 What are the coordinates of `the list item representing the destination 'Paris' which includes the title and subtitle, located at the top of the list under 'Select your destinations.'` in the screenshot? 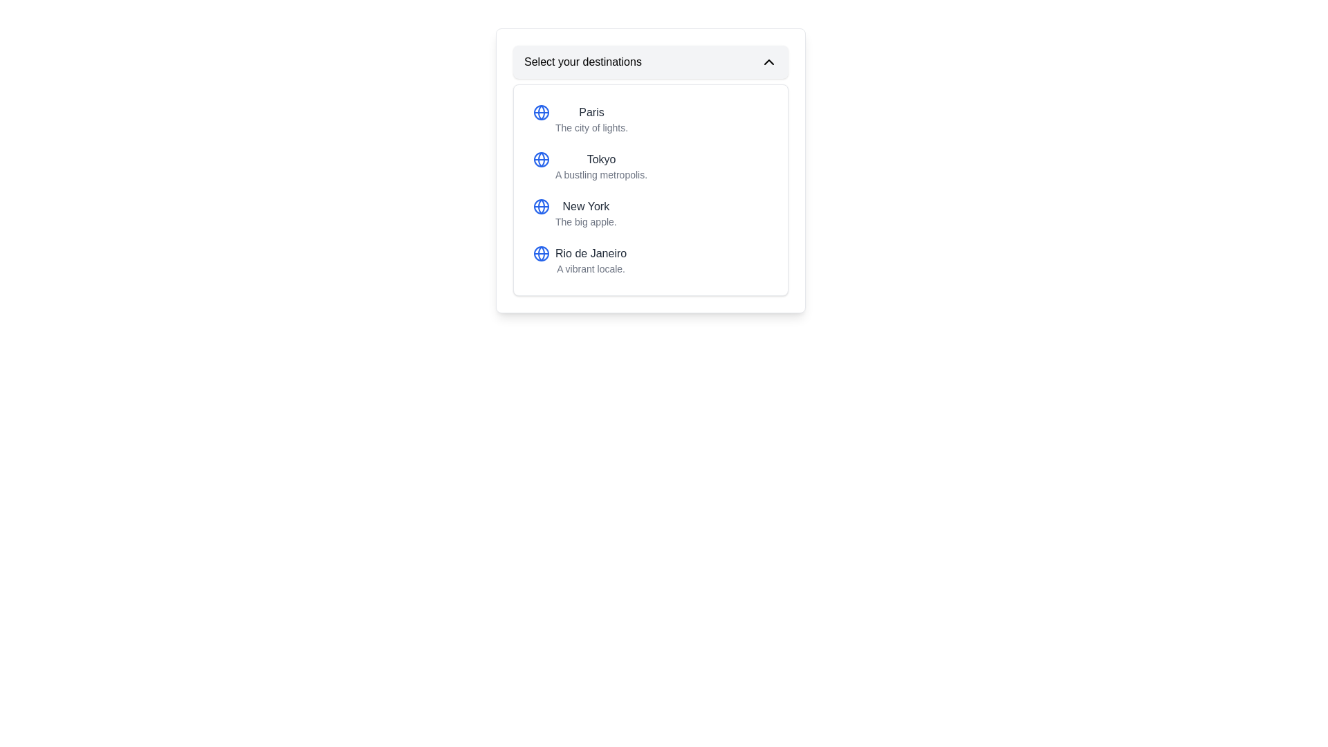 It's located at (580, 119).